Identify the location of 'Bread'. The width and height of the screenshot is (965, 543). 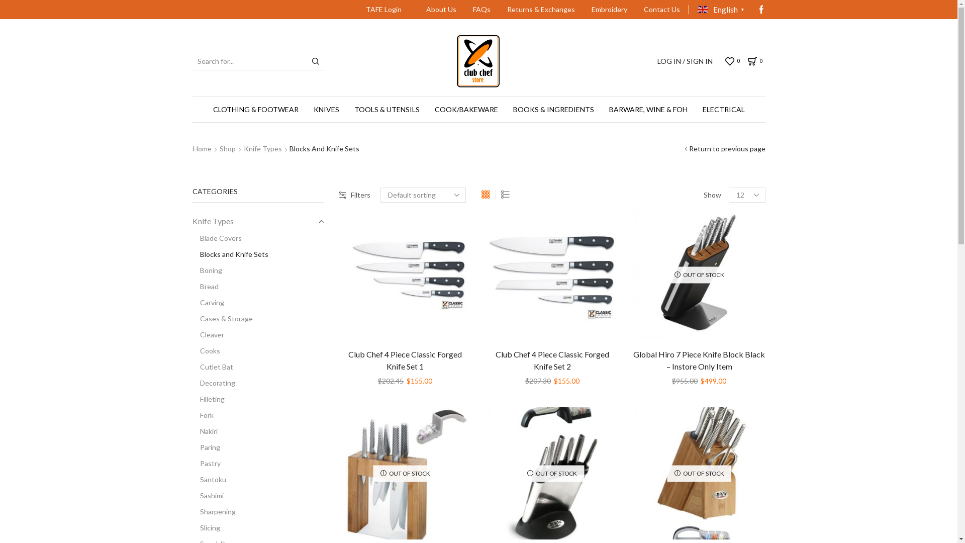
(192, 287).